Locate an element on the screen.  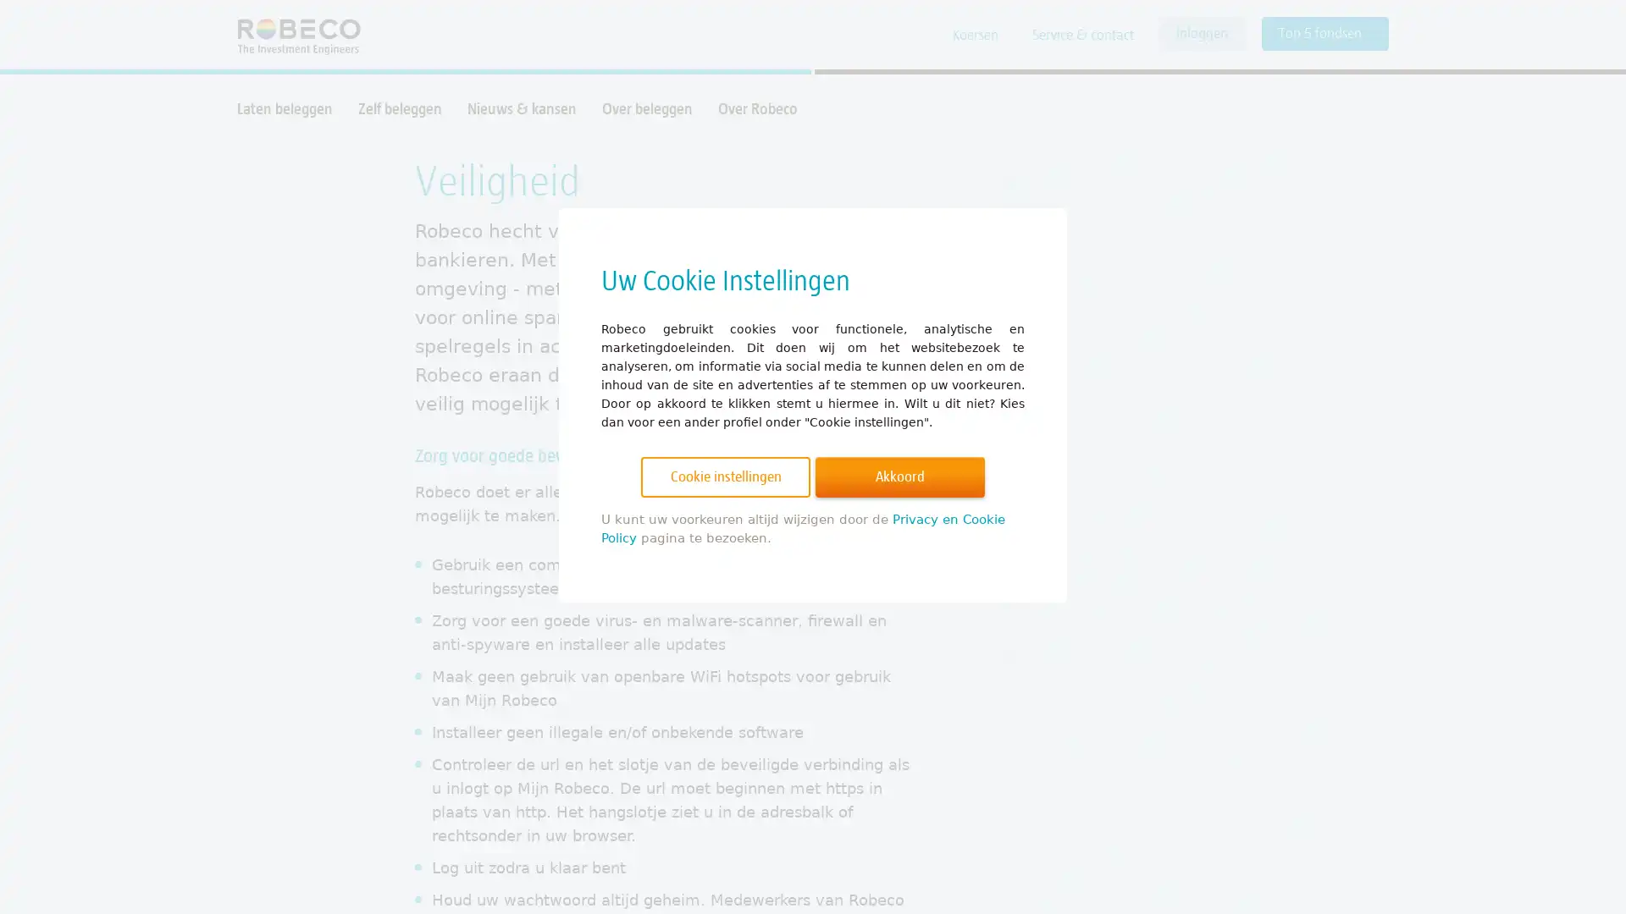
Inloggen is located at coordinates (1201, 33).